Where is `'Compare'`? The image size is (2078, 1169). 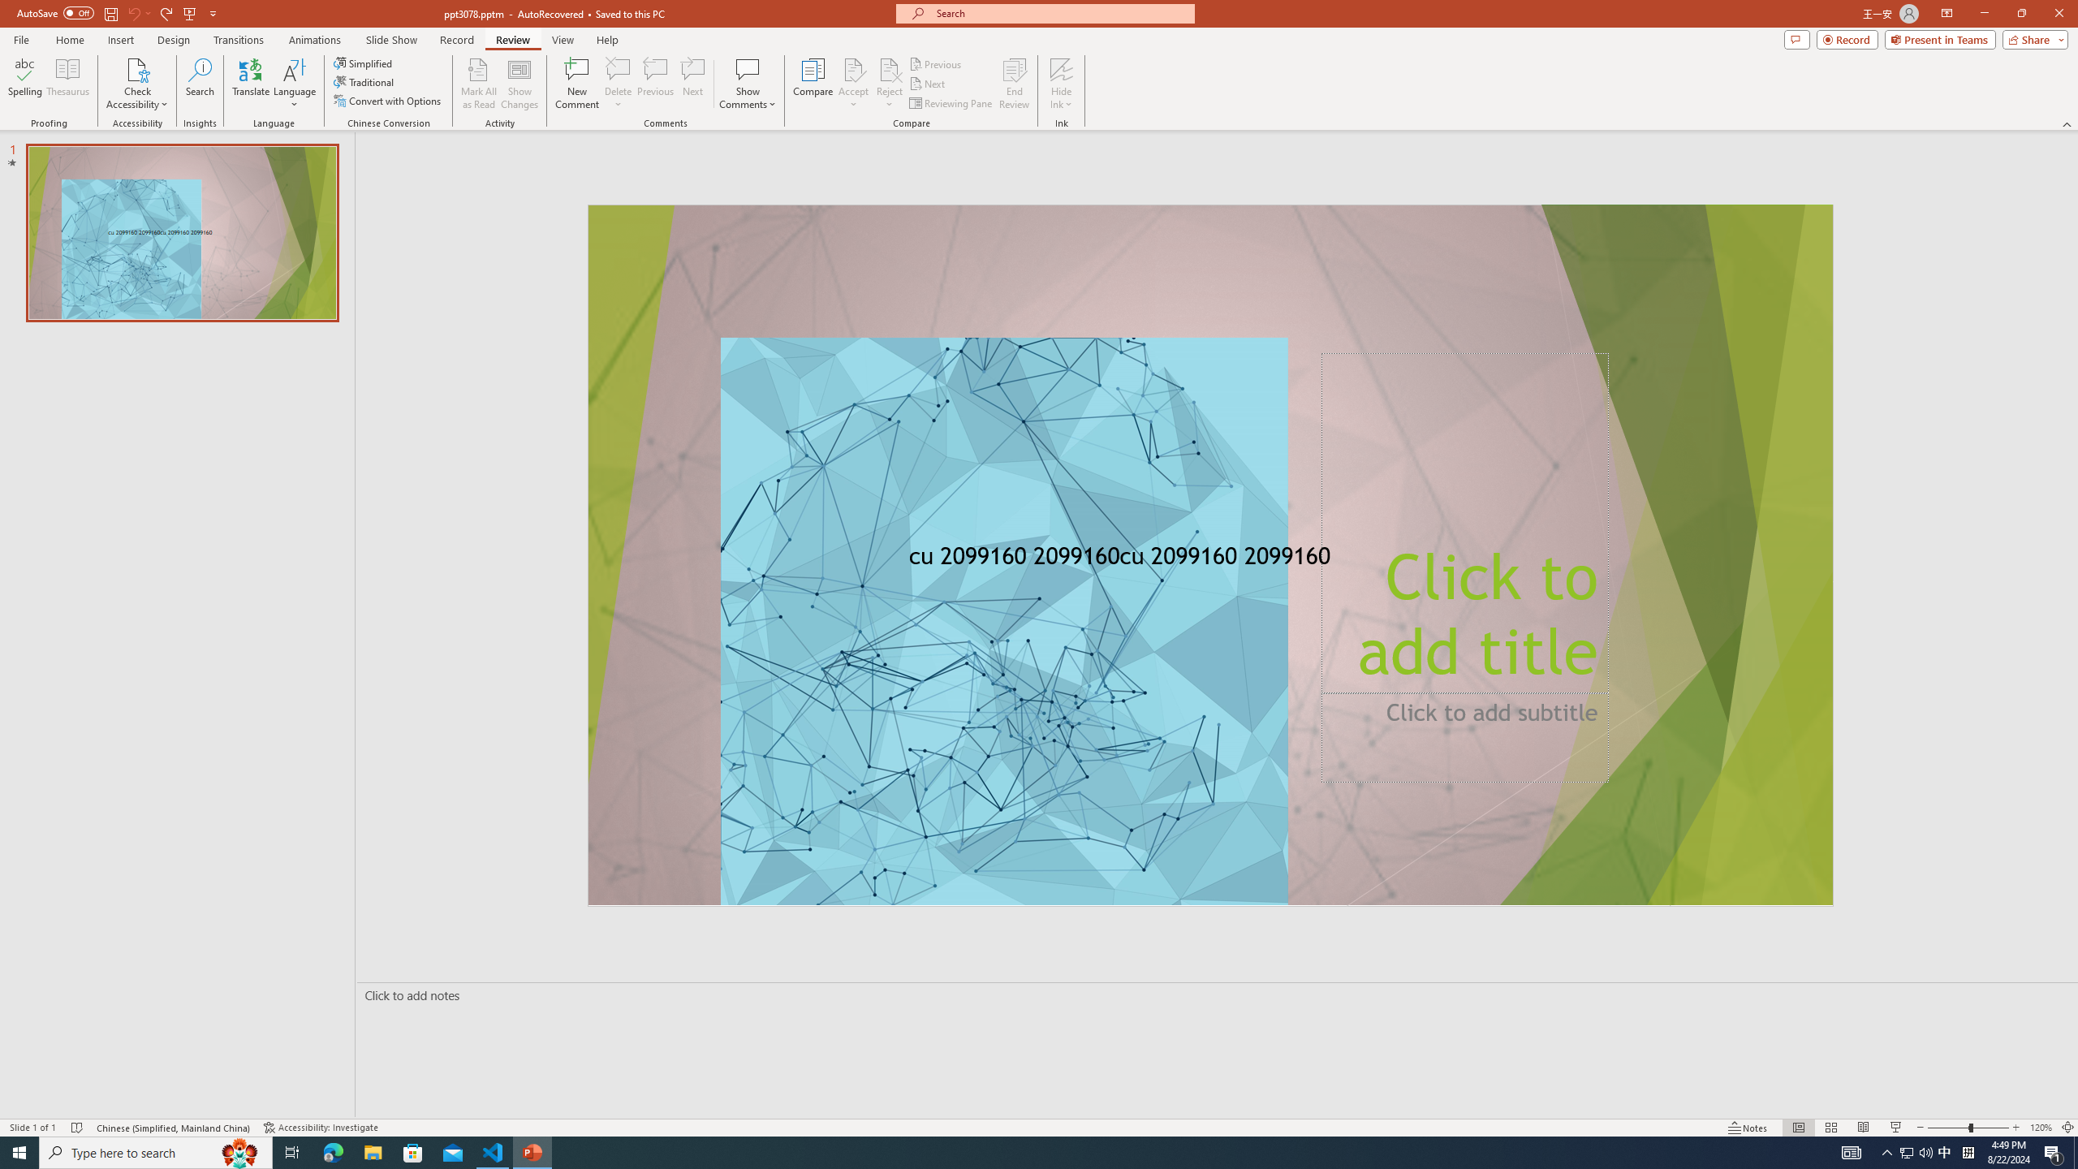
'Compare' is located at coordinates (813, 84).